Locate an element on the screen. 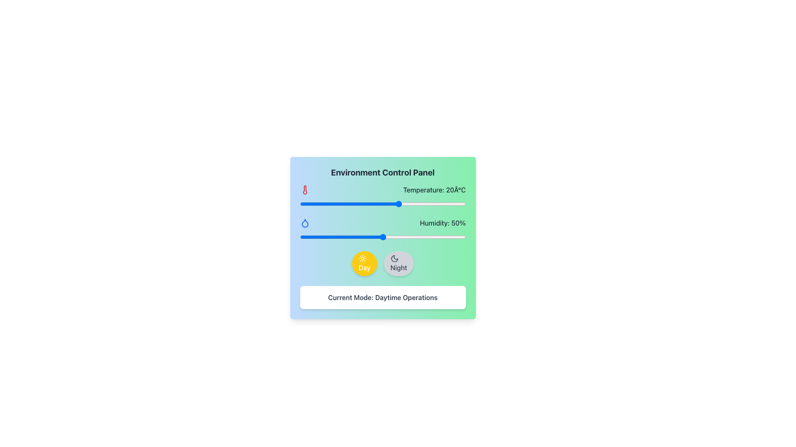  the humidity is located at coordinates (314, 237).